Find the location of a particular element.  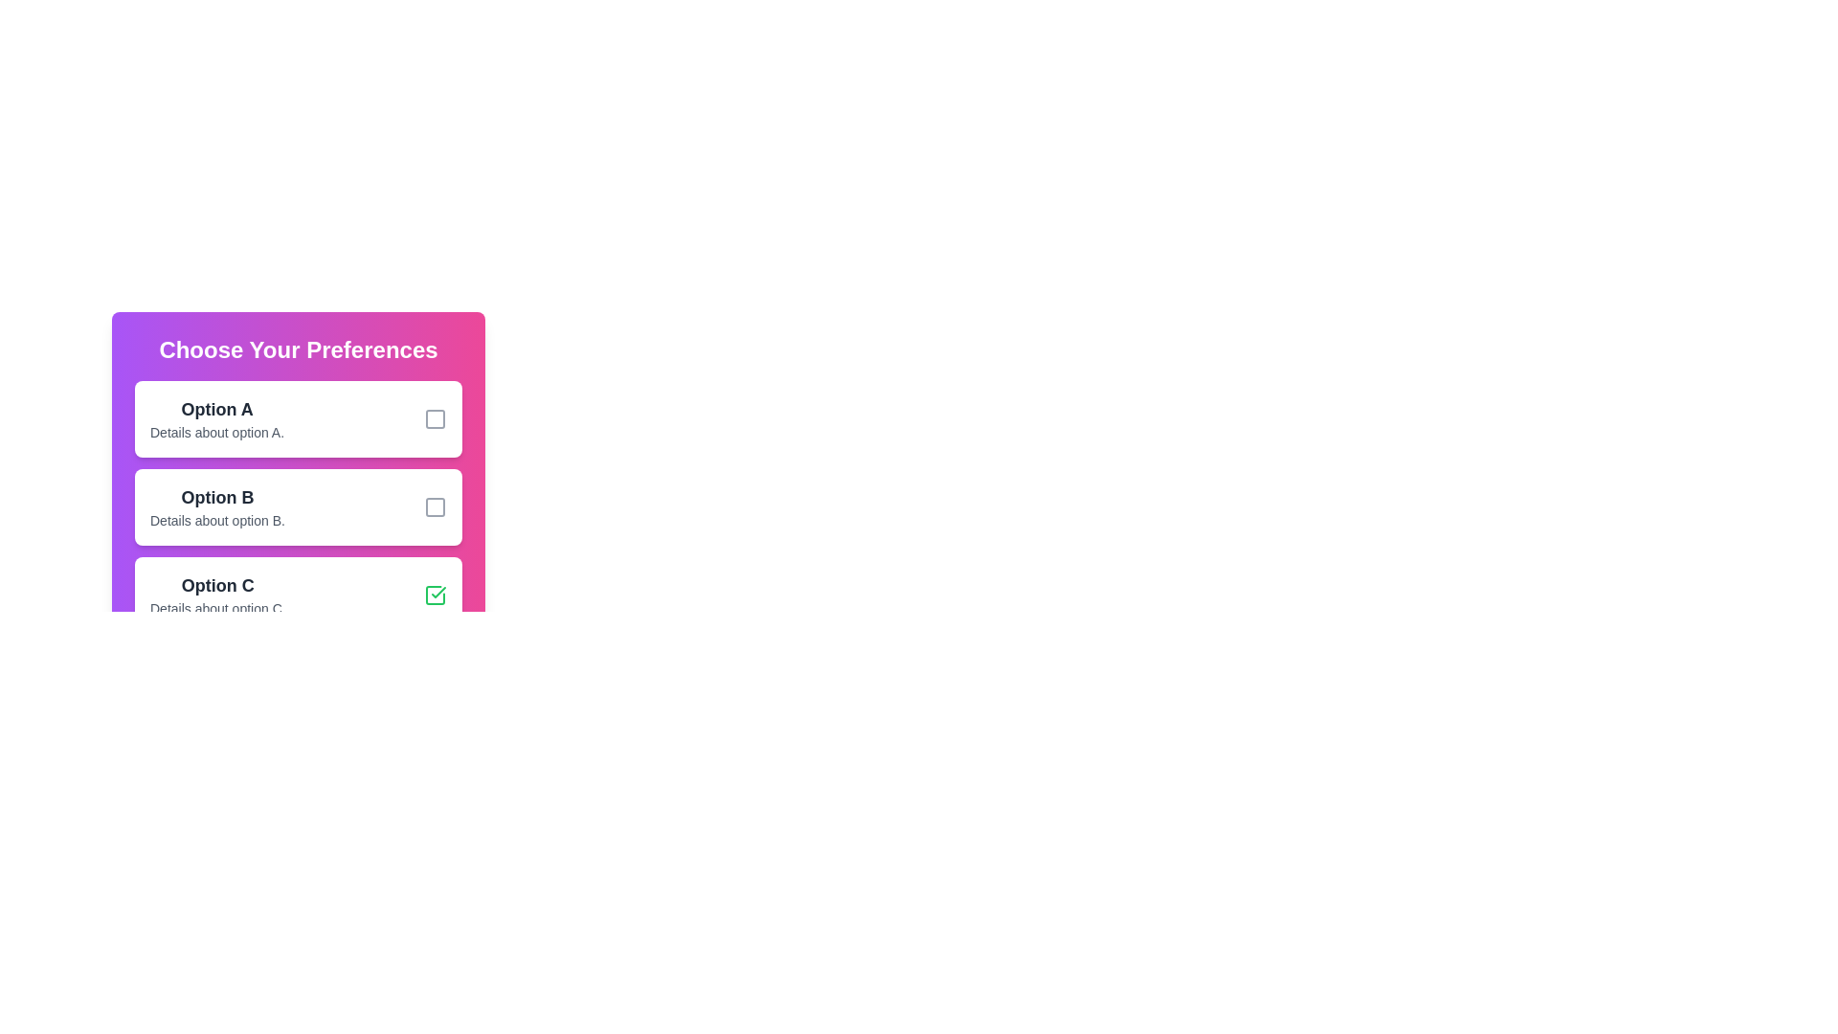

text content of 'Option B' within the selection section, which is visually distinct and located between 'Option A' and 'Option C' is located at coordinates (217, 506).